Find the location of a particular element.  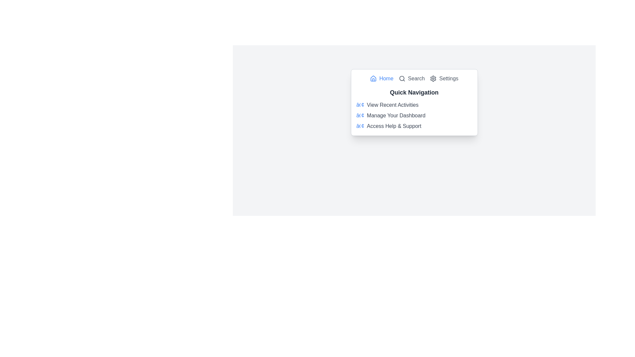

the circle lens of the magnifying glass icon, which is the second icon in the top bar of the interface, located to the left of the 'Settings' gear icon and to the right of the 'Home' icon is located at coordinates (401, 78).